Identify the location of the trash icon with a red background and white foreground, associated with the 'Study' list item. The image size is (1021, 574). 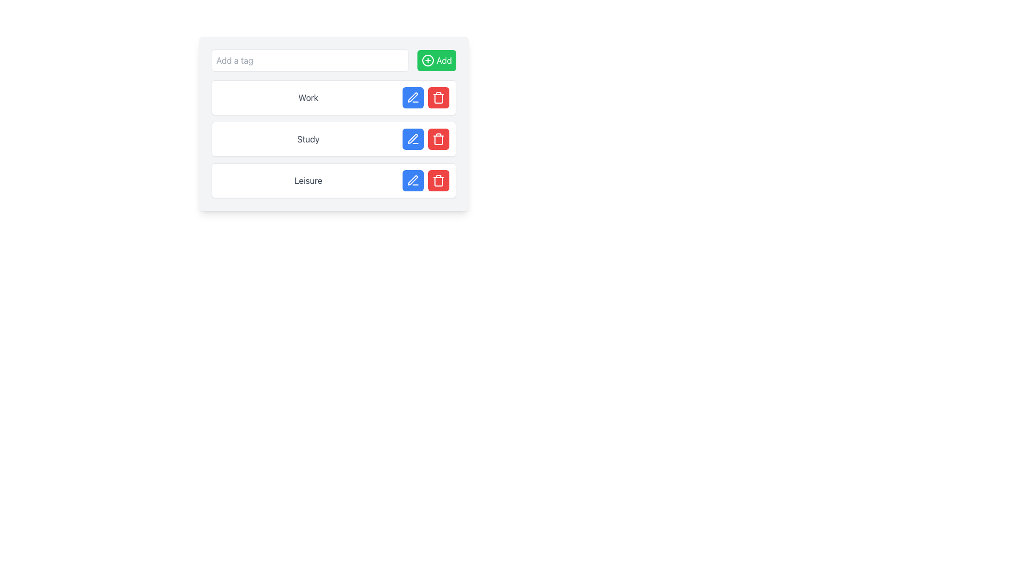
(439, 139).